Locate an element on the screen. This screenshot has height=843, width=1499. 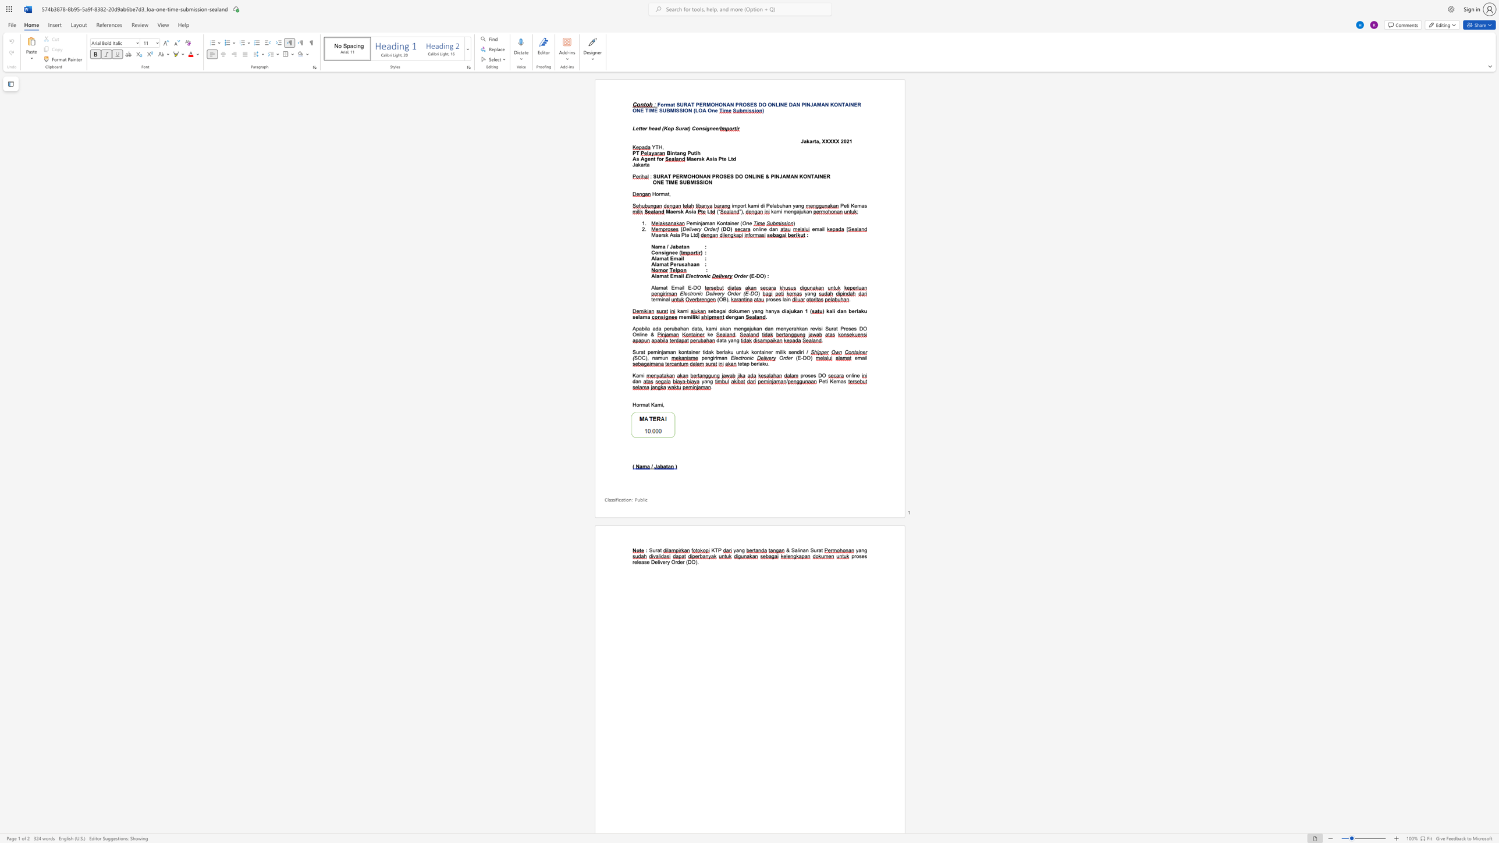
the subset text "ONTAIN" within the text "SURAT PERMOHONAN PROSES DO ONLINE & PINJAMAN KONTAINER" is located at coordinates (802, 176).